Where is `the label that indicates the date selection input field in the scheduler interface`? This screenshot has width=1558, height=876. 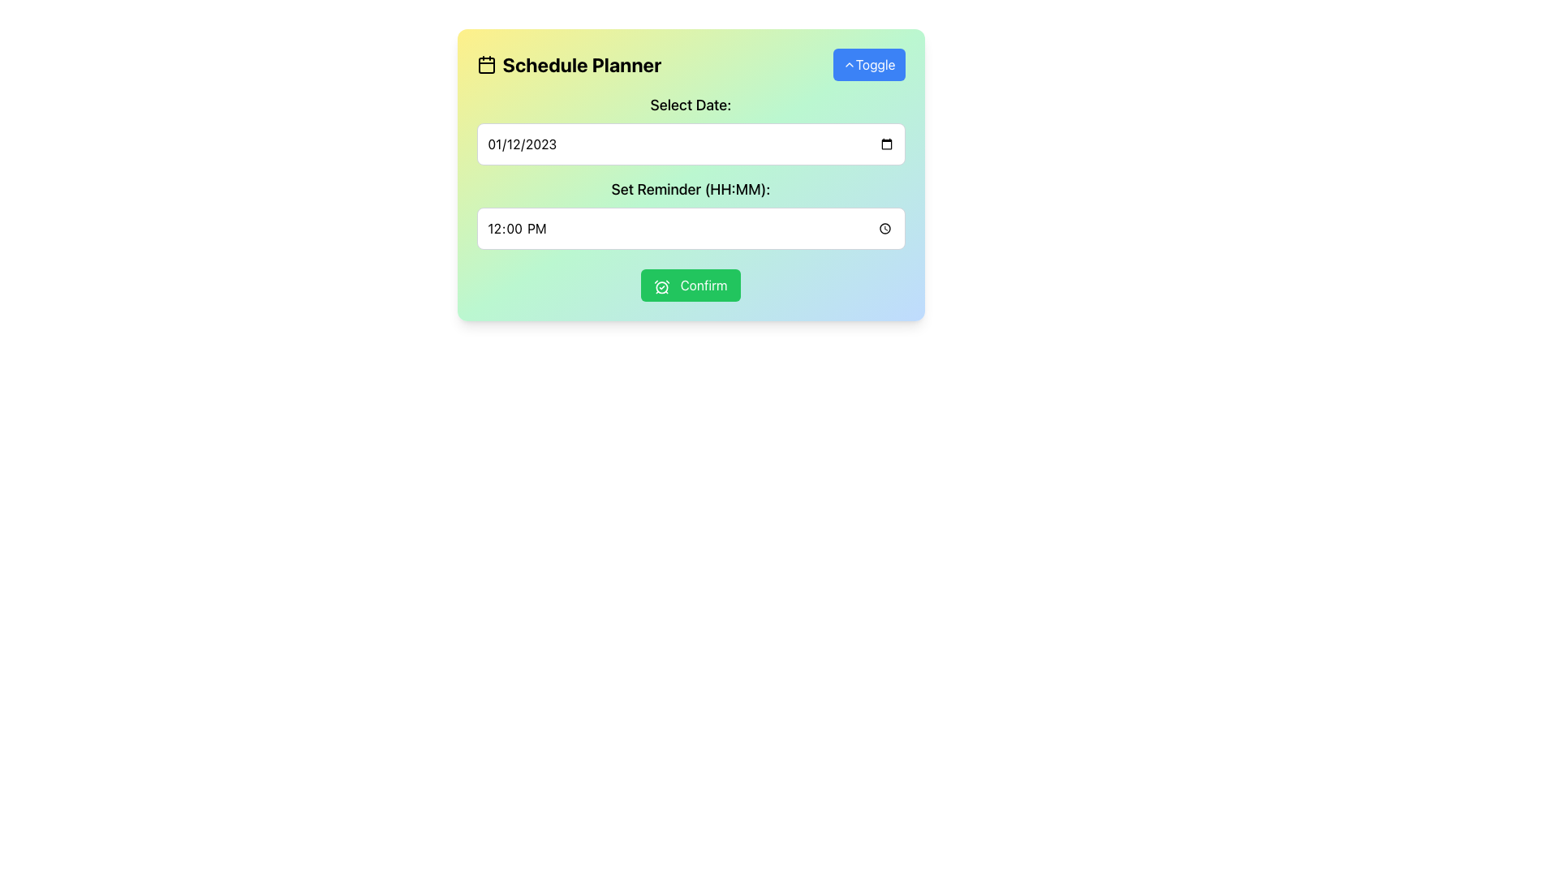 the label that indicates the date selection input field in the scheduler interface is located at coordinates (691, 105).